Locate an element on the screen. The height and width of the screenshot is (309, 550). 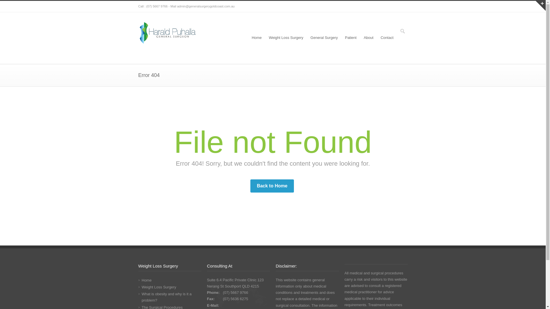
'Weight Loss Surgery' is located at coordinates (158, 287).